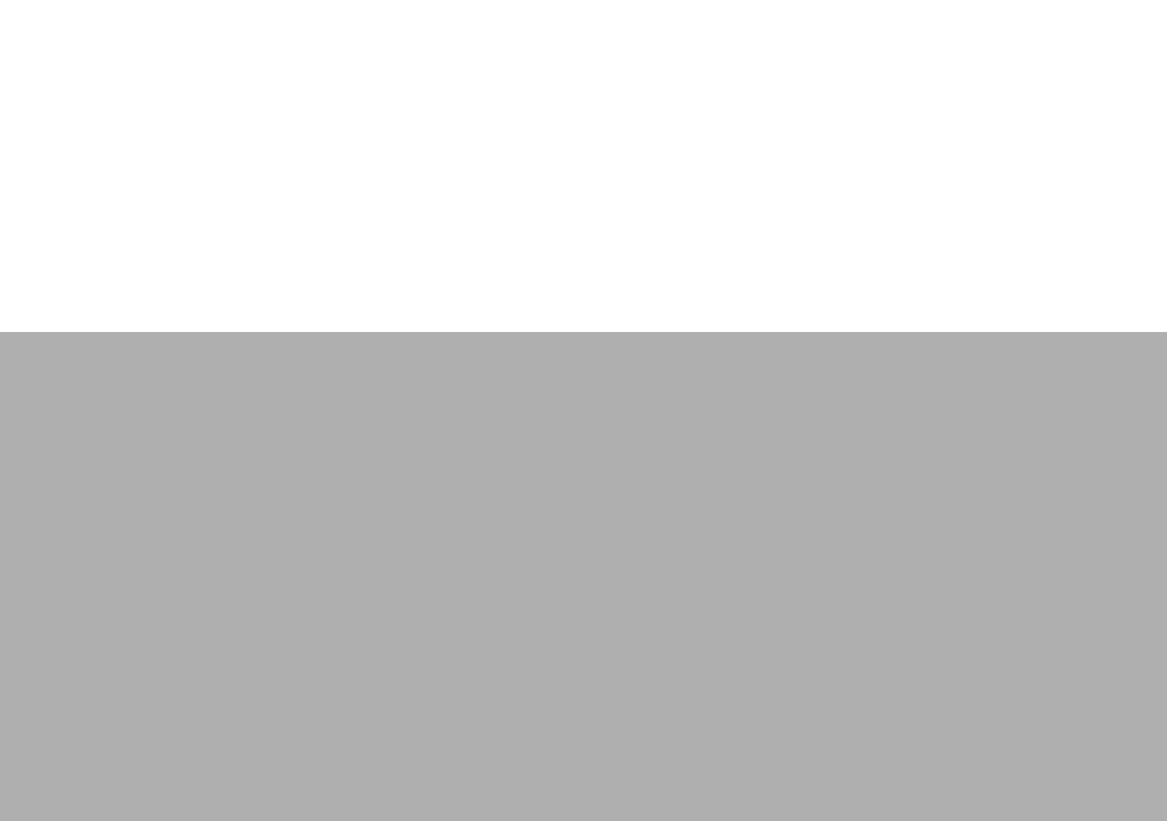 This screenshot has height=821, width=1167. Describe the element at coordinates (350, 598) in the screenshot. I see `'Black Friday'` at that location.